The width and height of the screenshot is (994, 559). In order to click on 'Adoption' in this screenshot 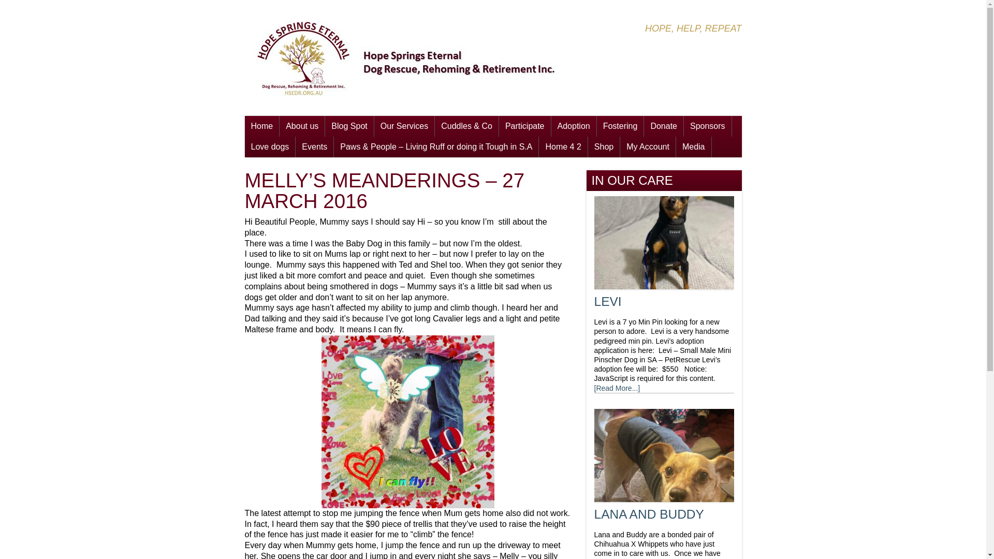, I will do `click(573, 125)`.